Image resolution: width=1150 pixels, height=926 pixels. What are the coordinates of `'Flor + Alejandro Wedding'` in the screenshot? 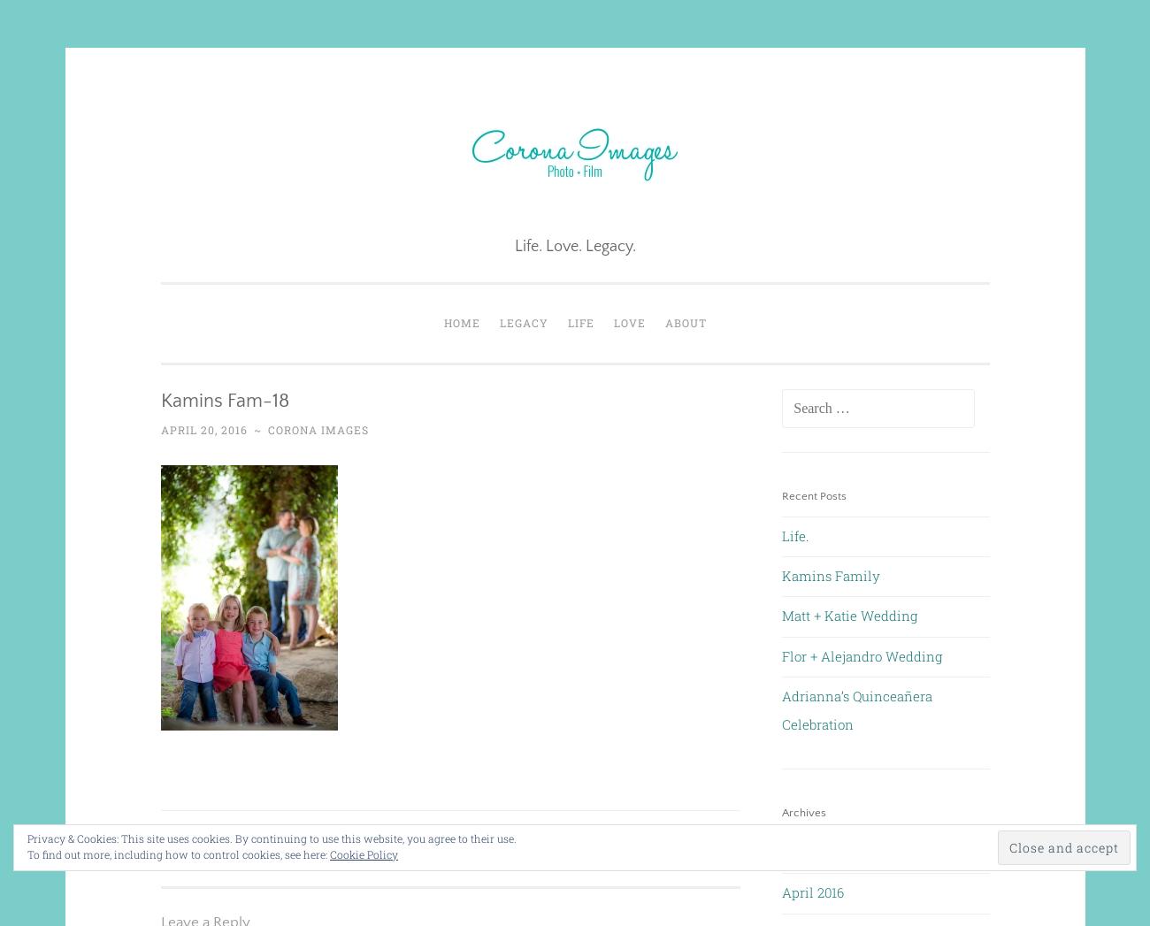 It's located at (862, 654).